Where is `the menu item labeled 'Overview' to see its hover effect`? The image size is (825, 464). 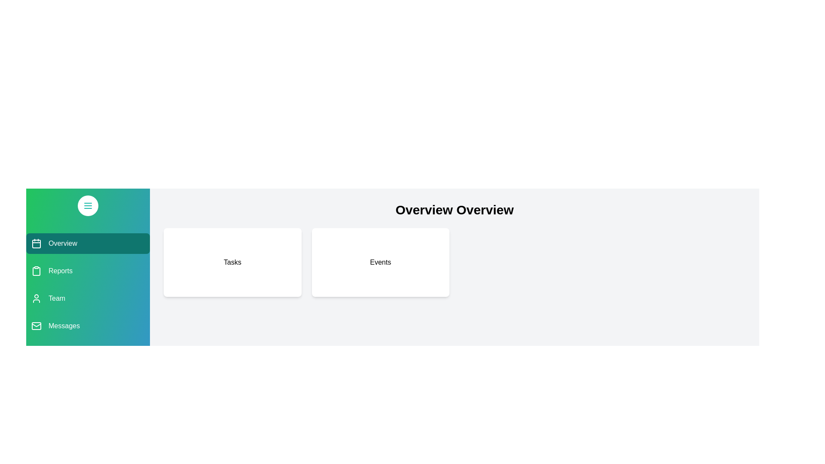 the menu item labeled 'Overview' to see its hover effect is located at coordinates (88, 244).